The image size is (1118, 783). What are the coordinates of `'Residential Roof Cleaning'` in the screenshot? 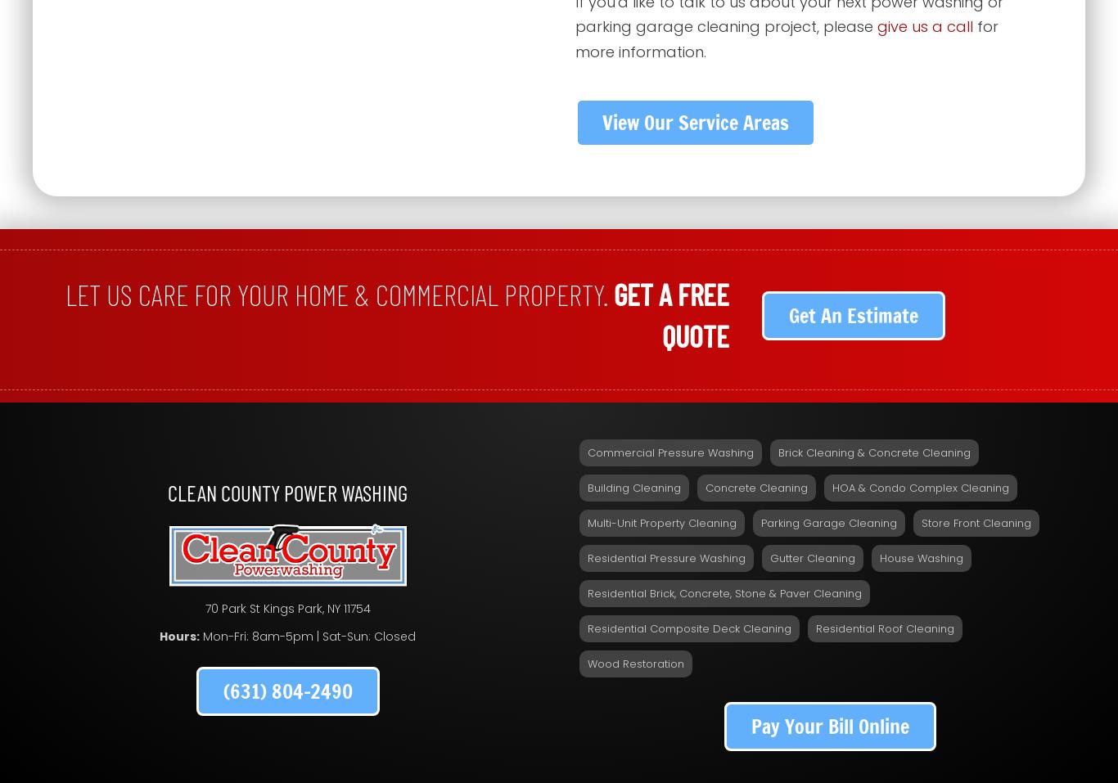 It's located at (884, 627).